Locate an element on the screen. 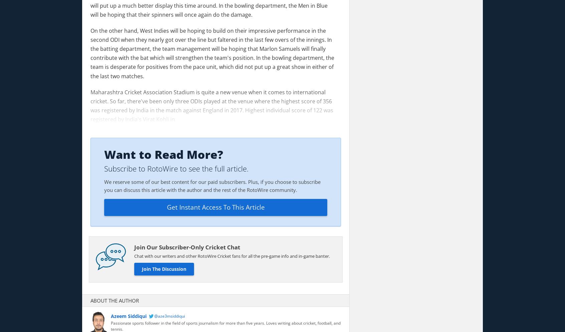 The width and height of the screenshot is (565, 332). 'On the other hand, West Indies will be hoping to build on their impressive performance in the second ODI when they nearly got over the line but faltered in the last few overs of the innings. In the batting department, the team management will be hoping that Marlon Samuels will finally contribute with the bat which will strengthen the team's position. In the bowling department, the team is desperate for positives from the pace unit, which did not put up a great show in either of the last two matches.' is located at coordinates (212, 52).